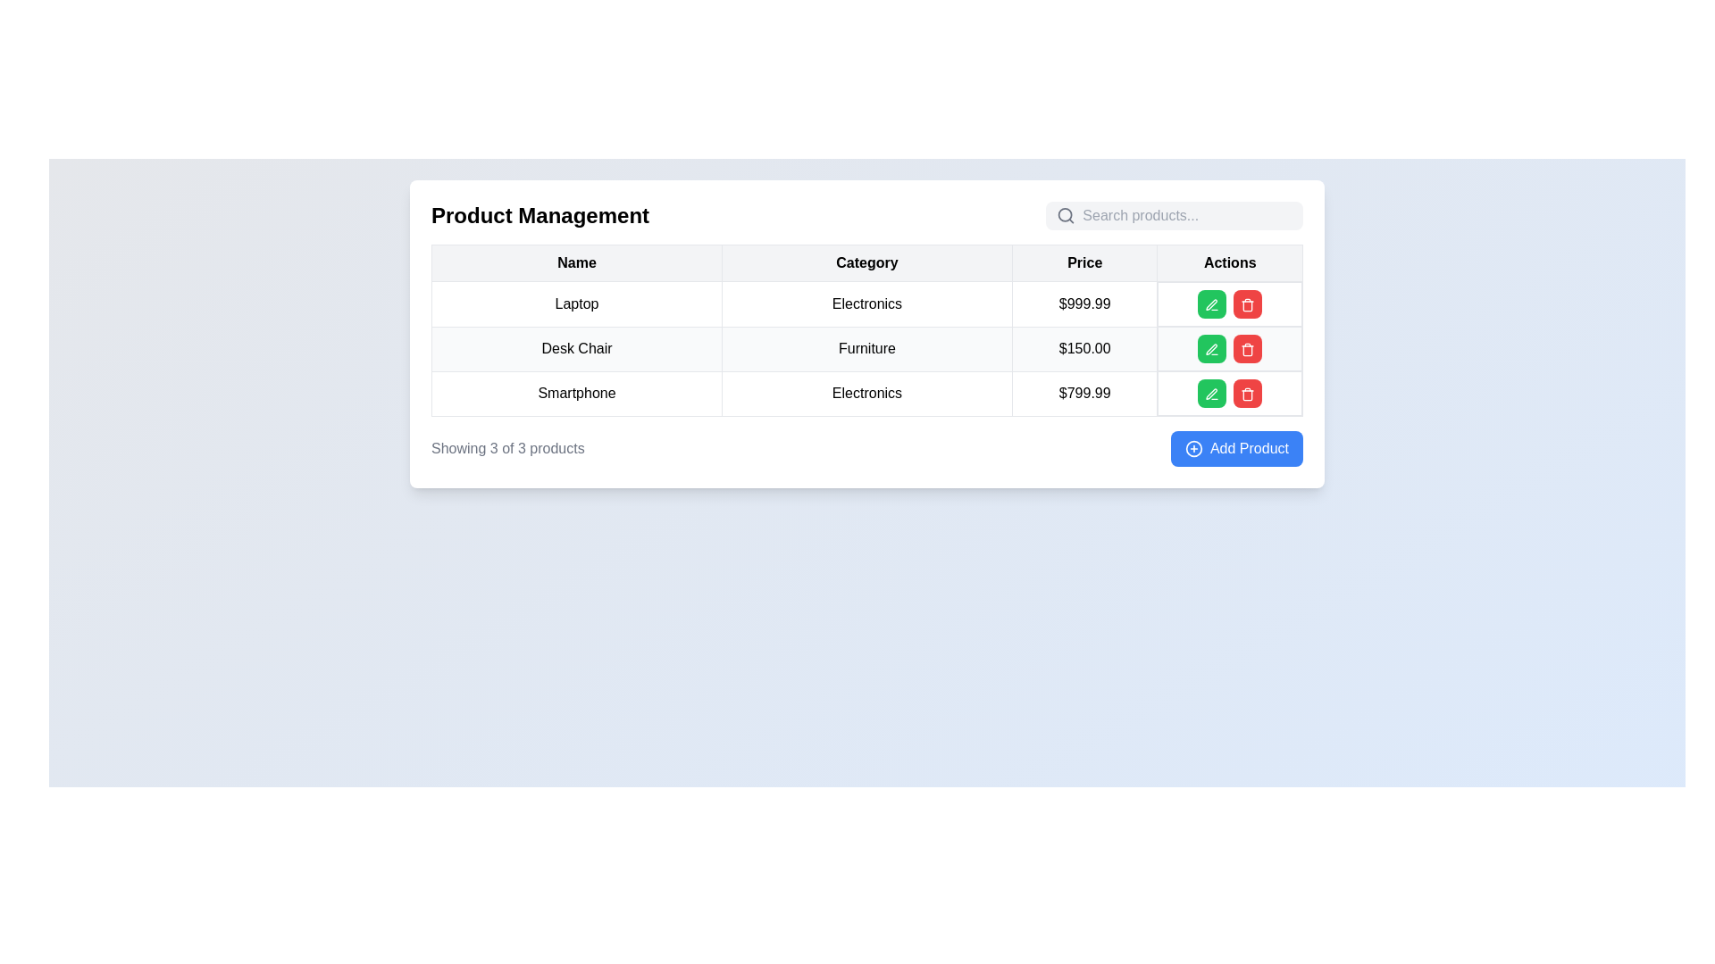 This screenshot has width=1715, height=964. I want to click on the rectangular button with a blue background and white text reading 'Add Product', so click(1235, 447).